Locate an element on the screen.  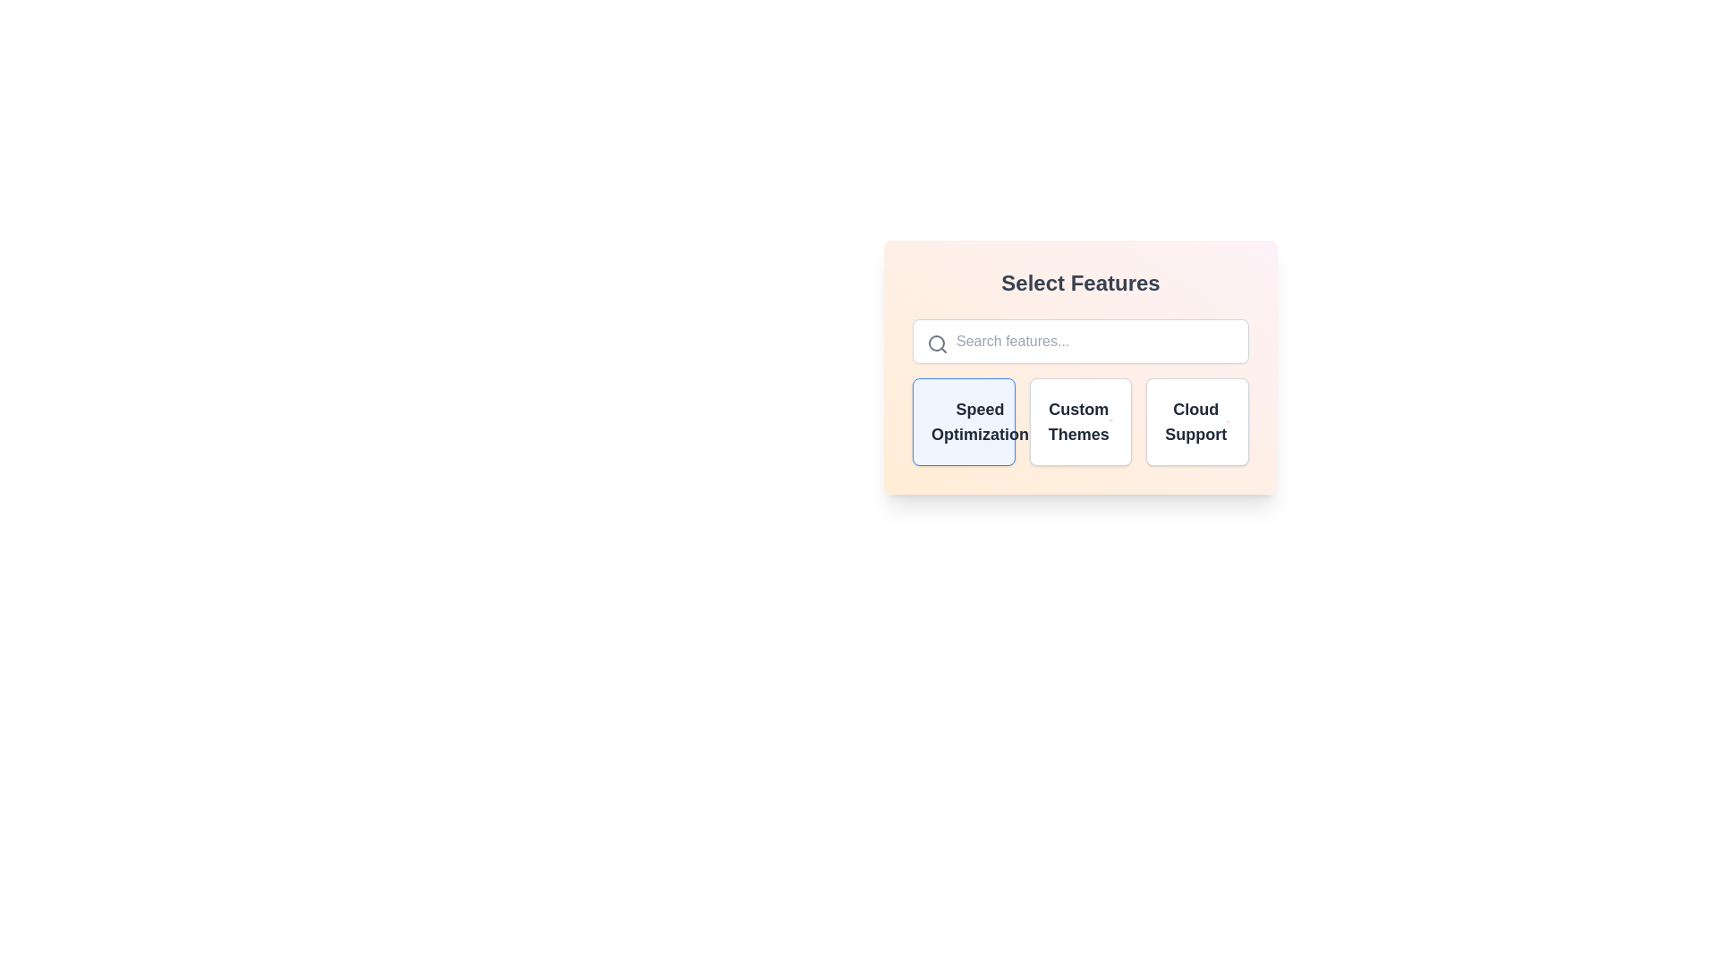
the feature Custom Themes is located at coordinates (1080, 421).